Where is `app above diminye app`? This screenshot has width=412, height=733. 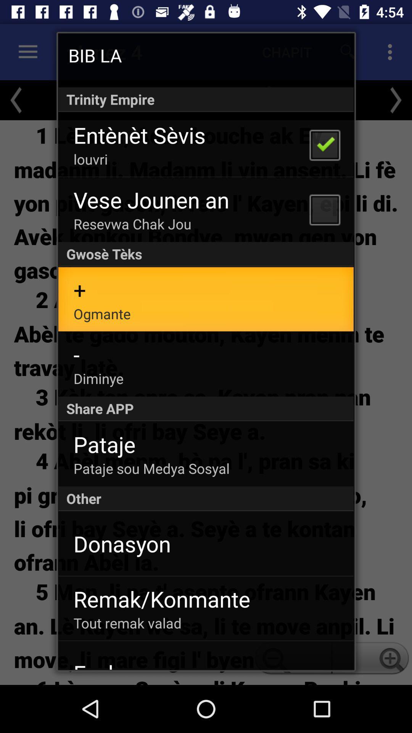
app above diminye app is located at coordinates (76, 354).